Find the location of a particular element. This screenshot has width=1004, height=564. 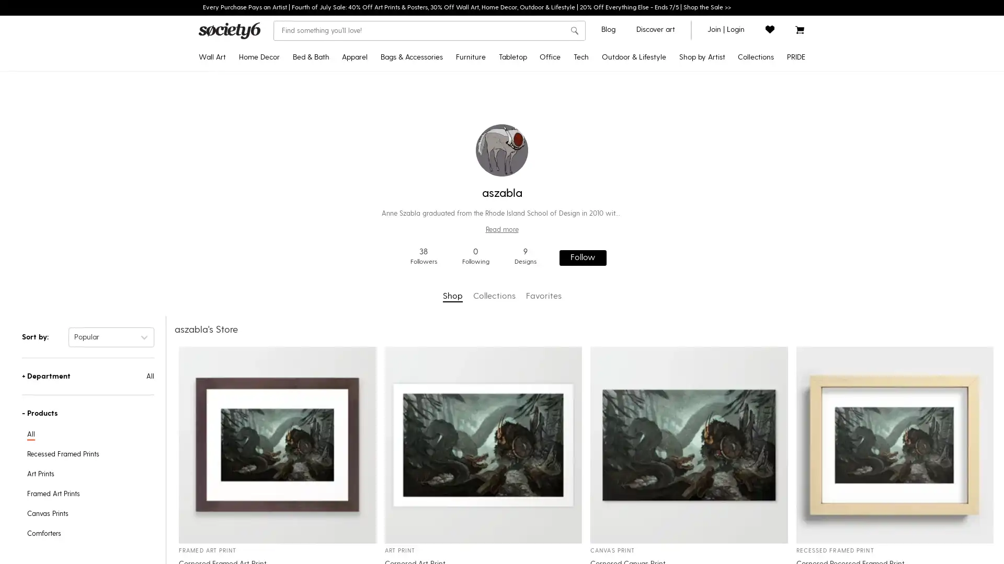

Laptop Sleeves is located at coordinates (618, 217).